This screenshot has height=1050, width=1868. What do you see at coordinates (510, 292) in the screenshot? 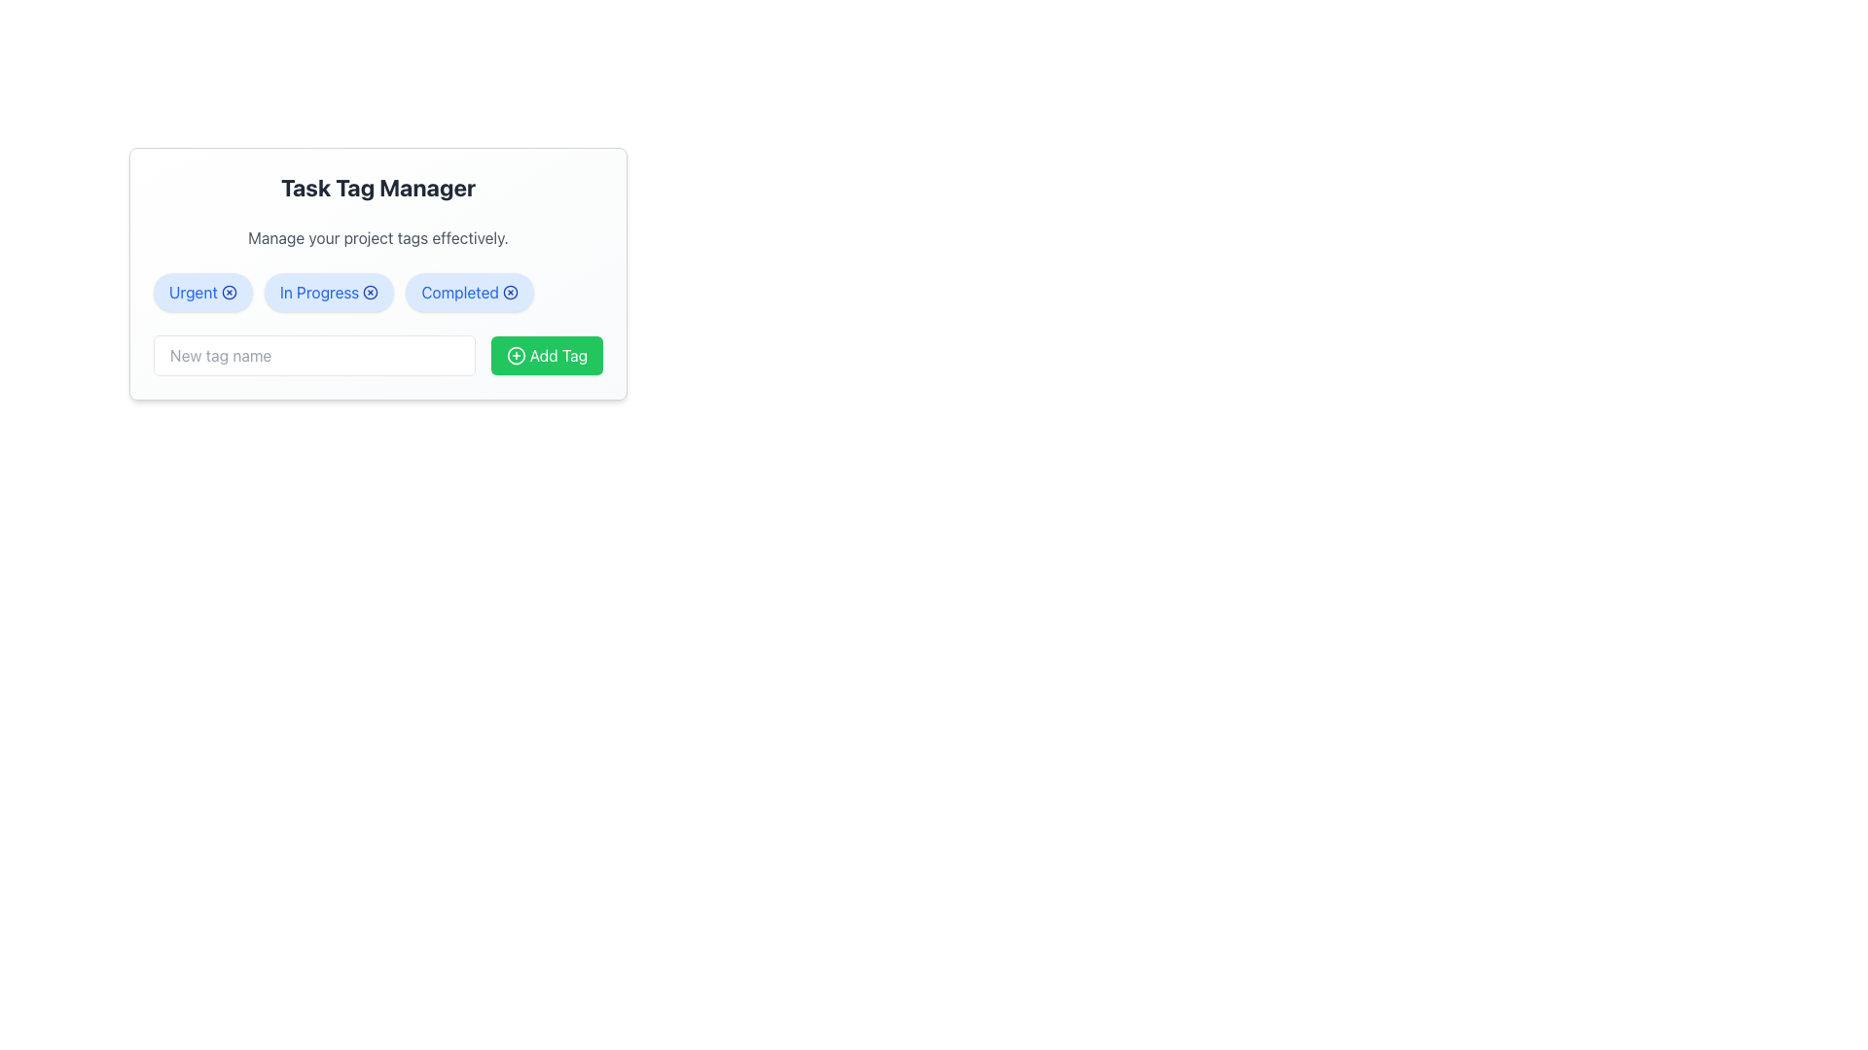
I see `the small circular icon button with a blue outline enclosing an 'X' mark, located at the rightmost end of the 'Completed' tag, adjacent to the text 'Completed'` at bounding box center [510, 292].